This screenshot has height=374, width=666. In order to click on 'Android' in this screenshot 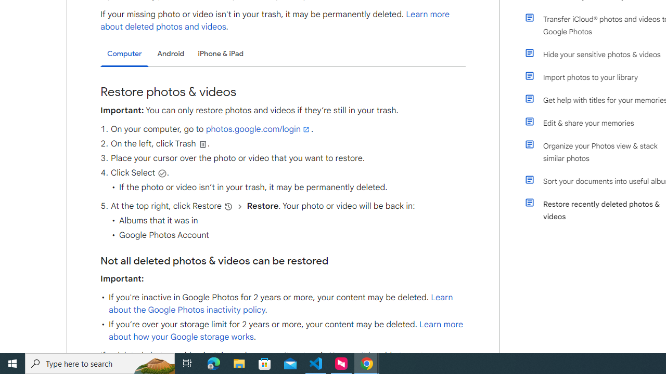, I will do `click(171, 54)`.